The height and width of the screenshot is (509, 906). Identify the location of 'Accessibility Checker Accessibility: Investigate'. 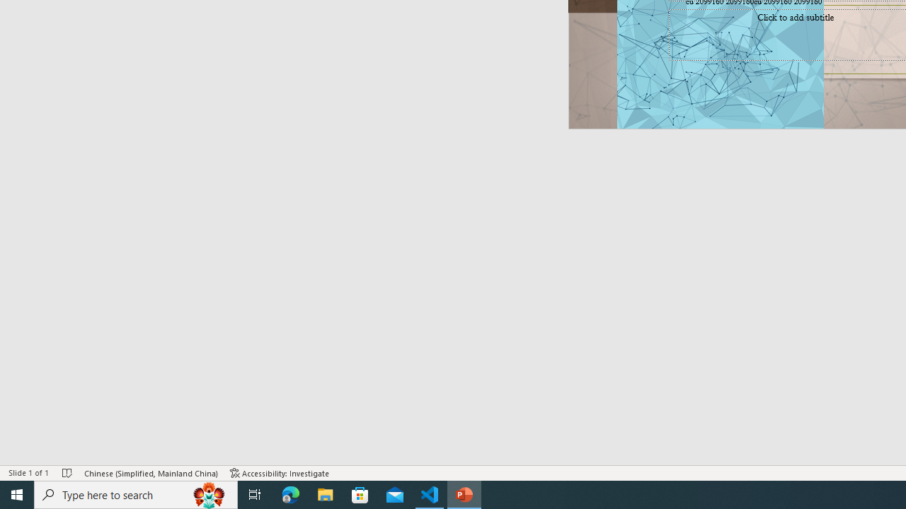
(280, 473).